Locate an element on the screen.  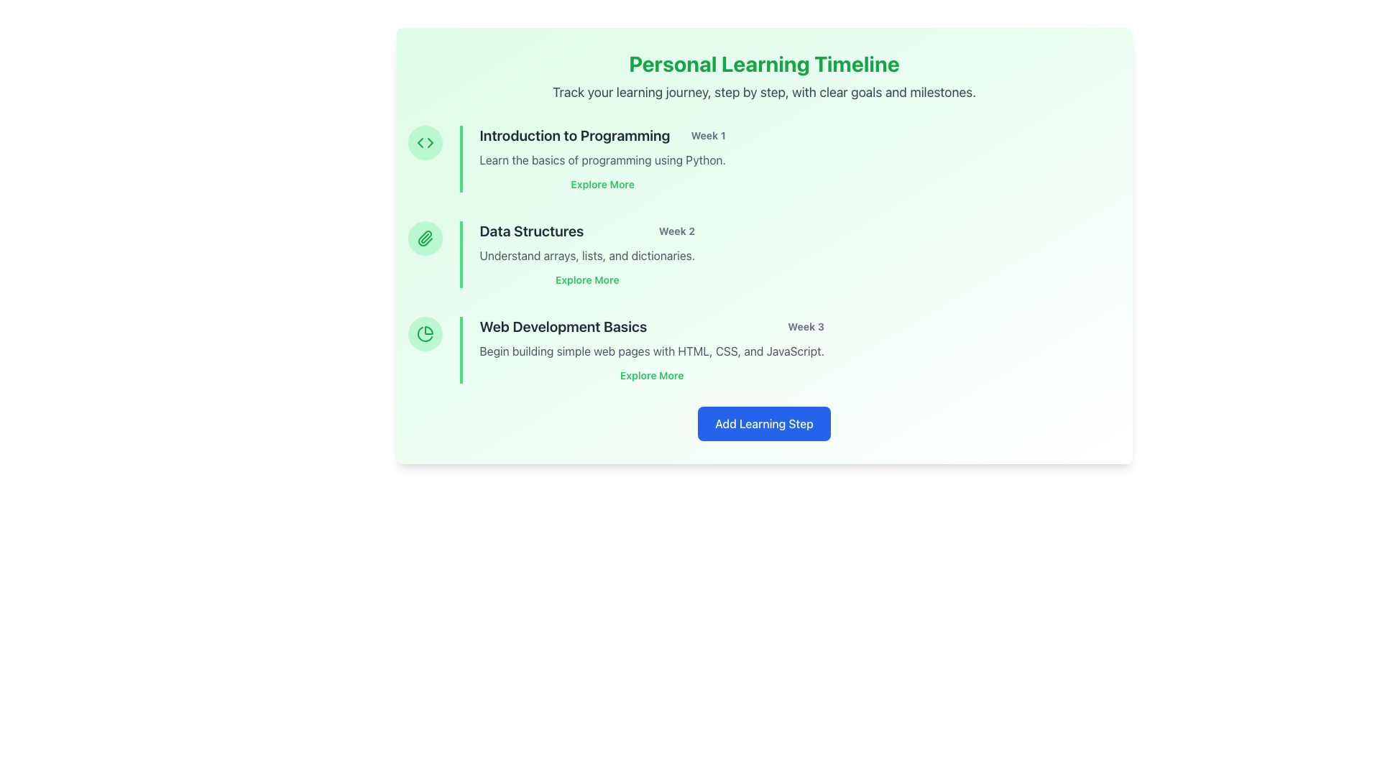
the visual style of the SVG coding icon, which is vibrant green and located to the left of the heading 'Introduction to Programming' is located at coordinates (424, 143).